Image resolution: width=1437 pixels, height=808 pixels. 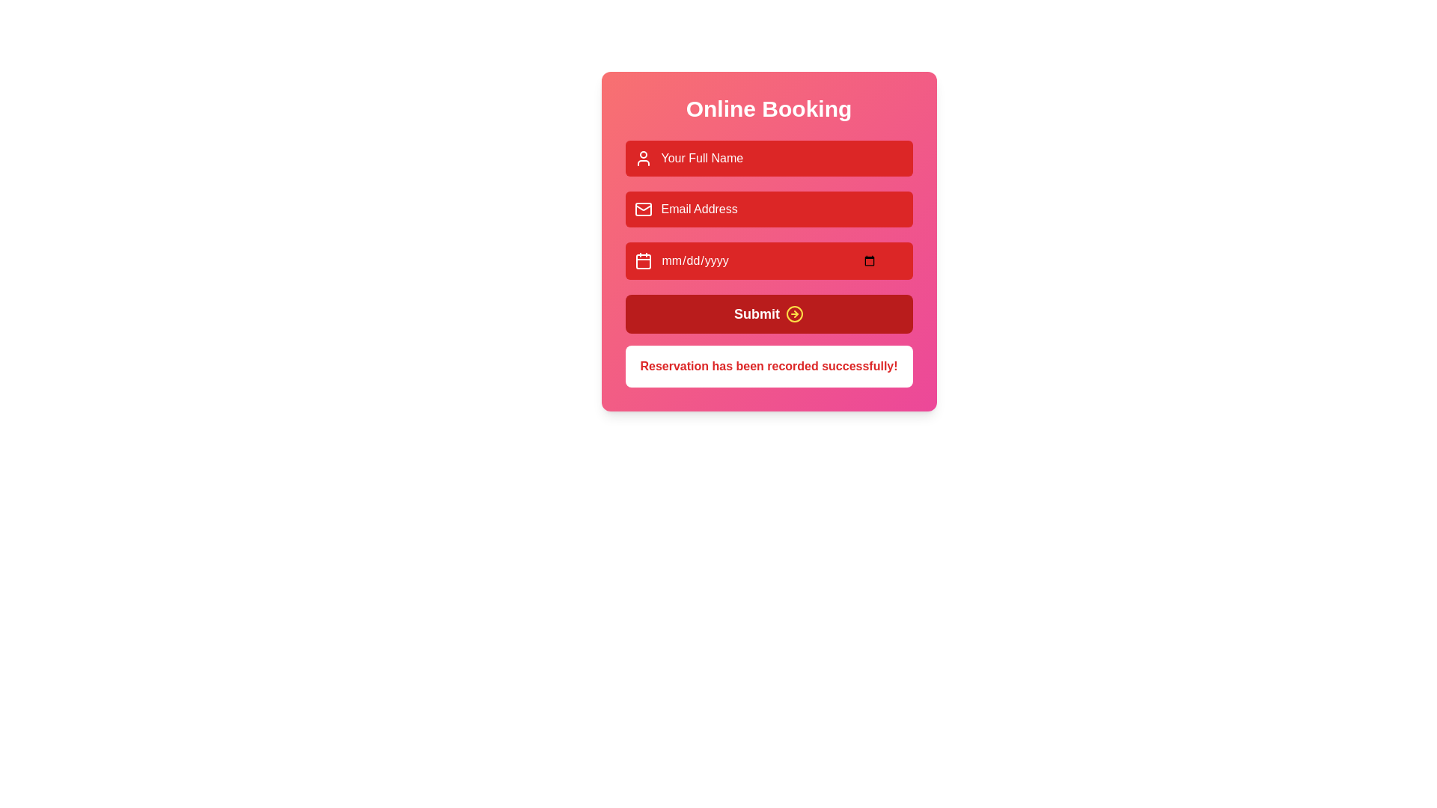 What do you see at coordinates (769, 159) in the screenshot?
I see `the full name input field in the booking form to focus on it` at bounding box center [769, 159].